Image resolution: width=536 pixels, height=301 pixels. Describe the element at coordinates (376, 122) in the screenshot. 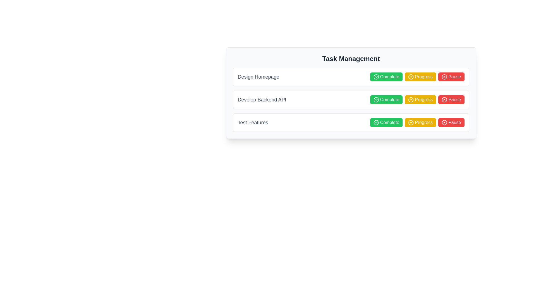

I see `the circular green outlined icon with a checkmark inside, located to the left of the 'Complete' button in the task management table` at that location.